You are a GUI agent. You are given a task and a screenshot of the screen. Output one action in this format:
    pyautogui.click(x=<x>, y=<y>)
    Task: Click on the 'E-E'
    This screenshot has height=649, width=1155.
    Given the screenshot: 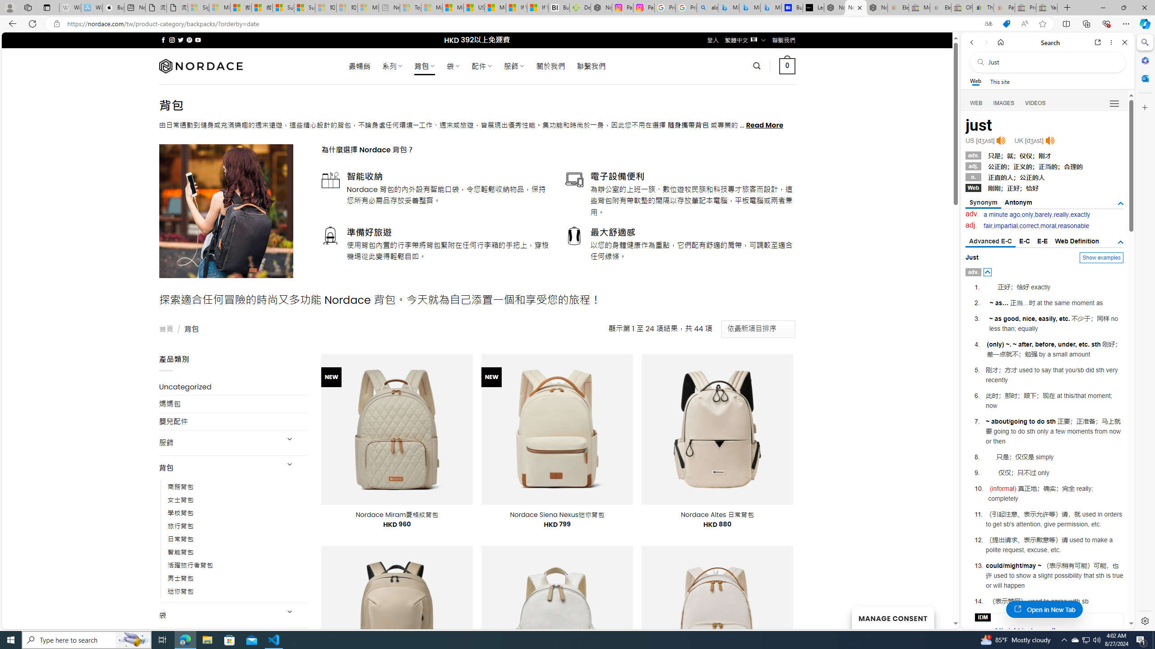 What is the action you would take?
    pyautogui.click(x=1043, y=240)
    